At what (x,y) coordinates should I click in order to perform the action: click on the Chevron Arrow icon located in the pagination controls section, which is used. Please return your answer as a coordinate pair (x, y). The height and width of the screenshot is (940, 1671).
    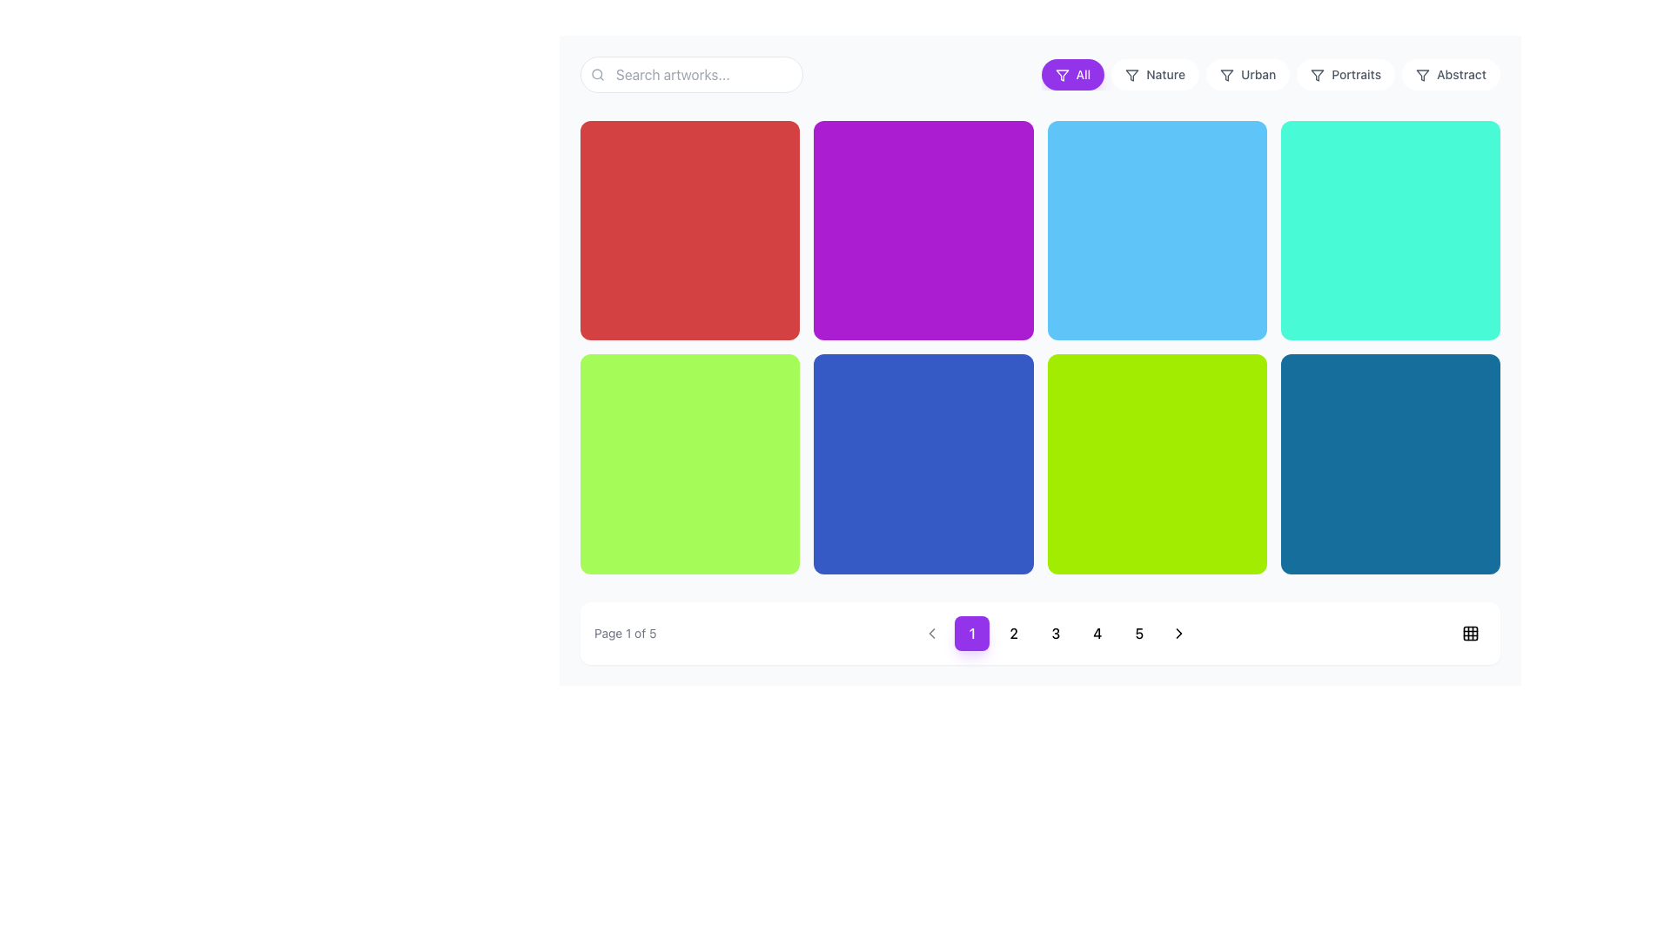
    Looking at the image, I should click on (931, 633).